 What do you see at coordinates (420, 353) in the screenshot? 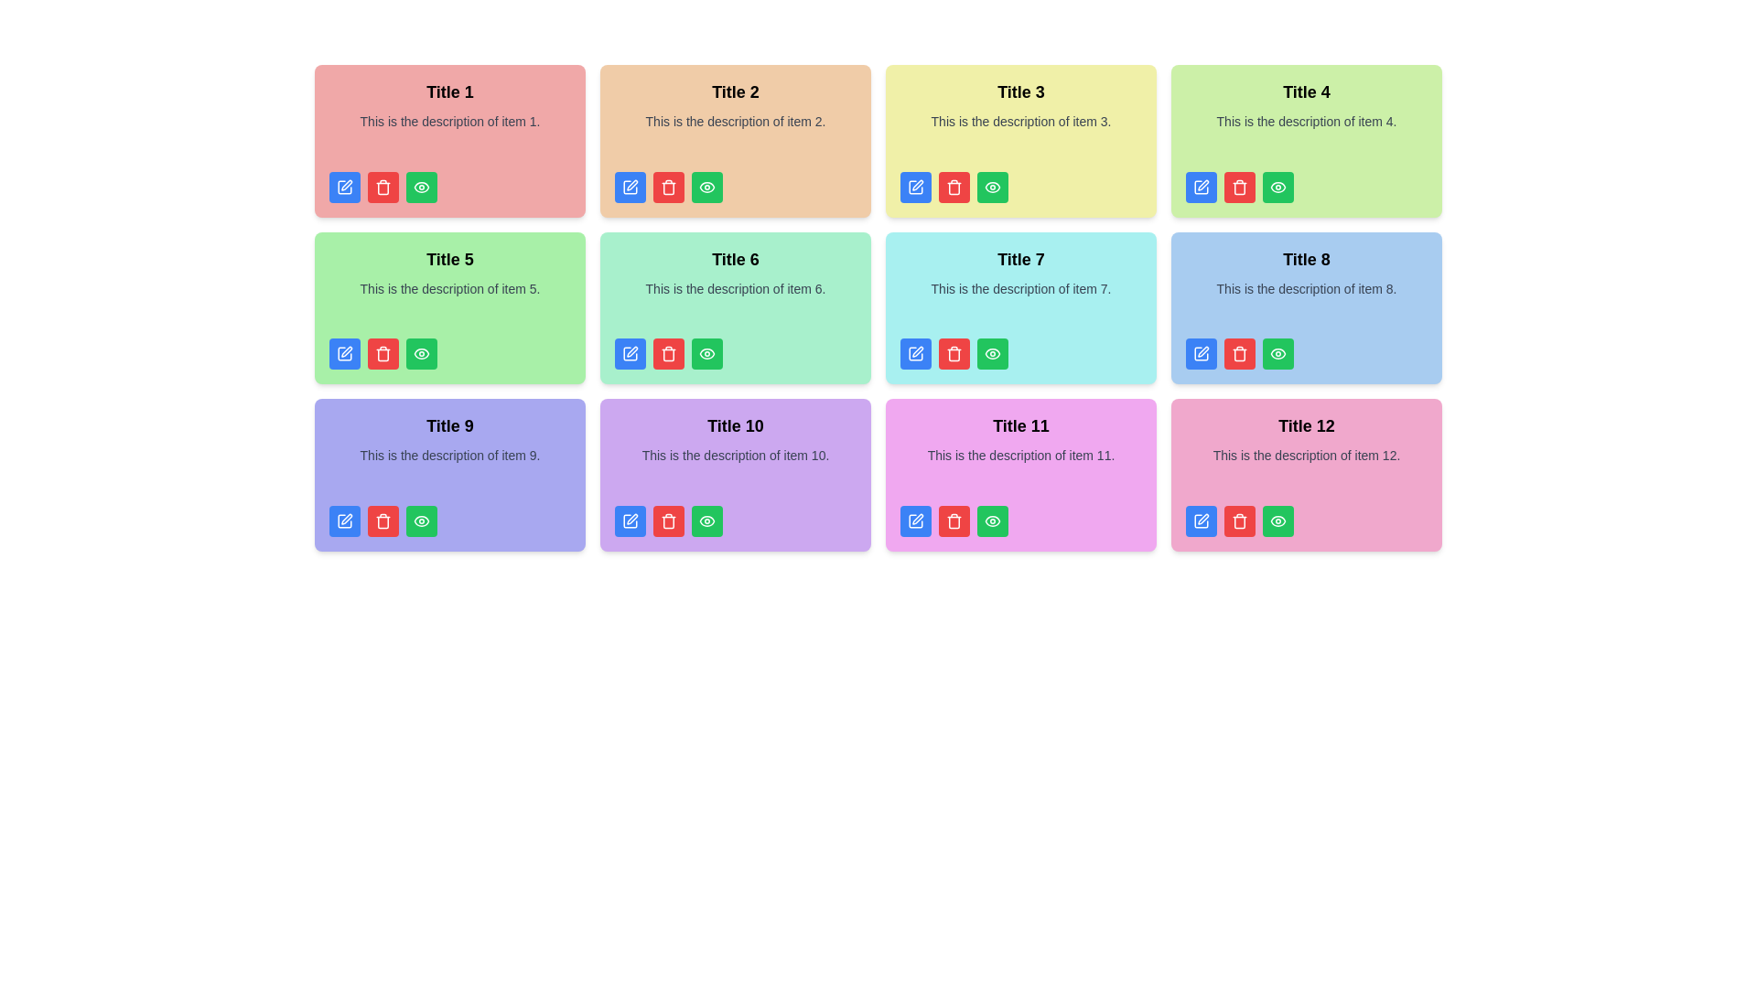
I see `the elliptical eye outline icon element, which is styled without fill and has a stroke, serving as the outer outline of the eye icon` at bounding box center [420, 353].